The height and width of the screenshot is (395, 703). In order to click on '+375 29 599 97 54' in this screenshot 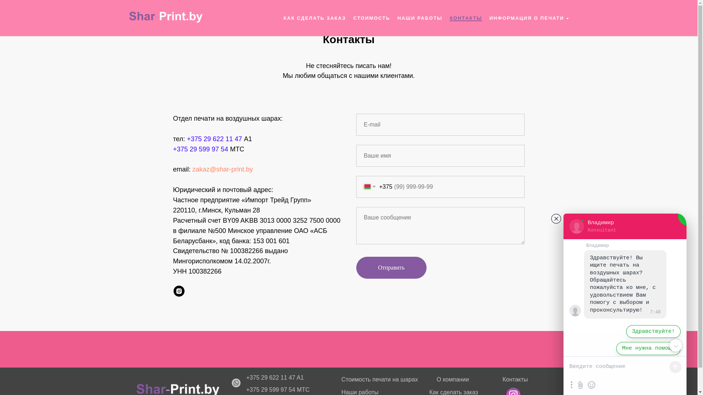, I will do `click(172, 149)`.